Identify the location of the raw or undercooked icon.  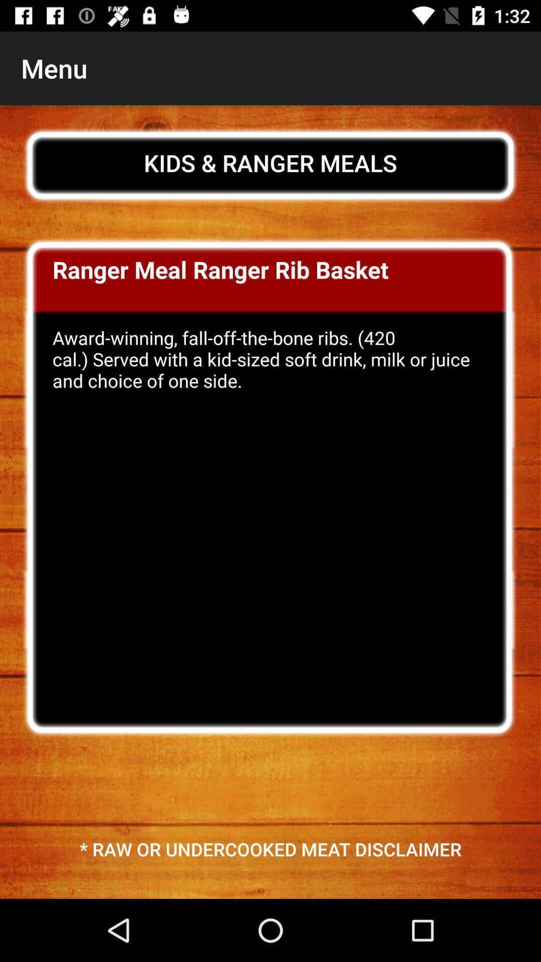
(270, 848).